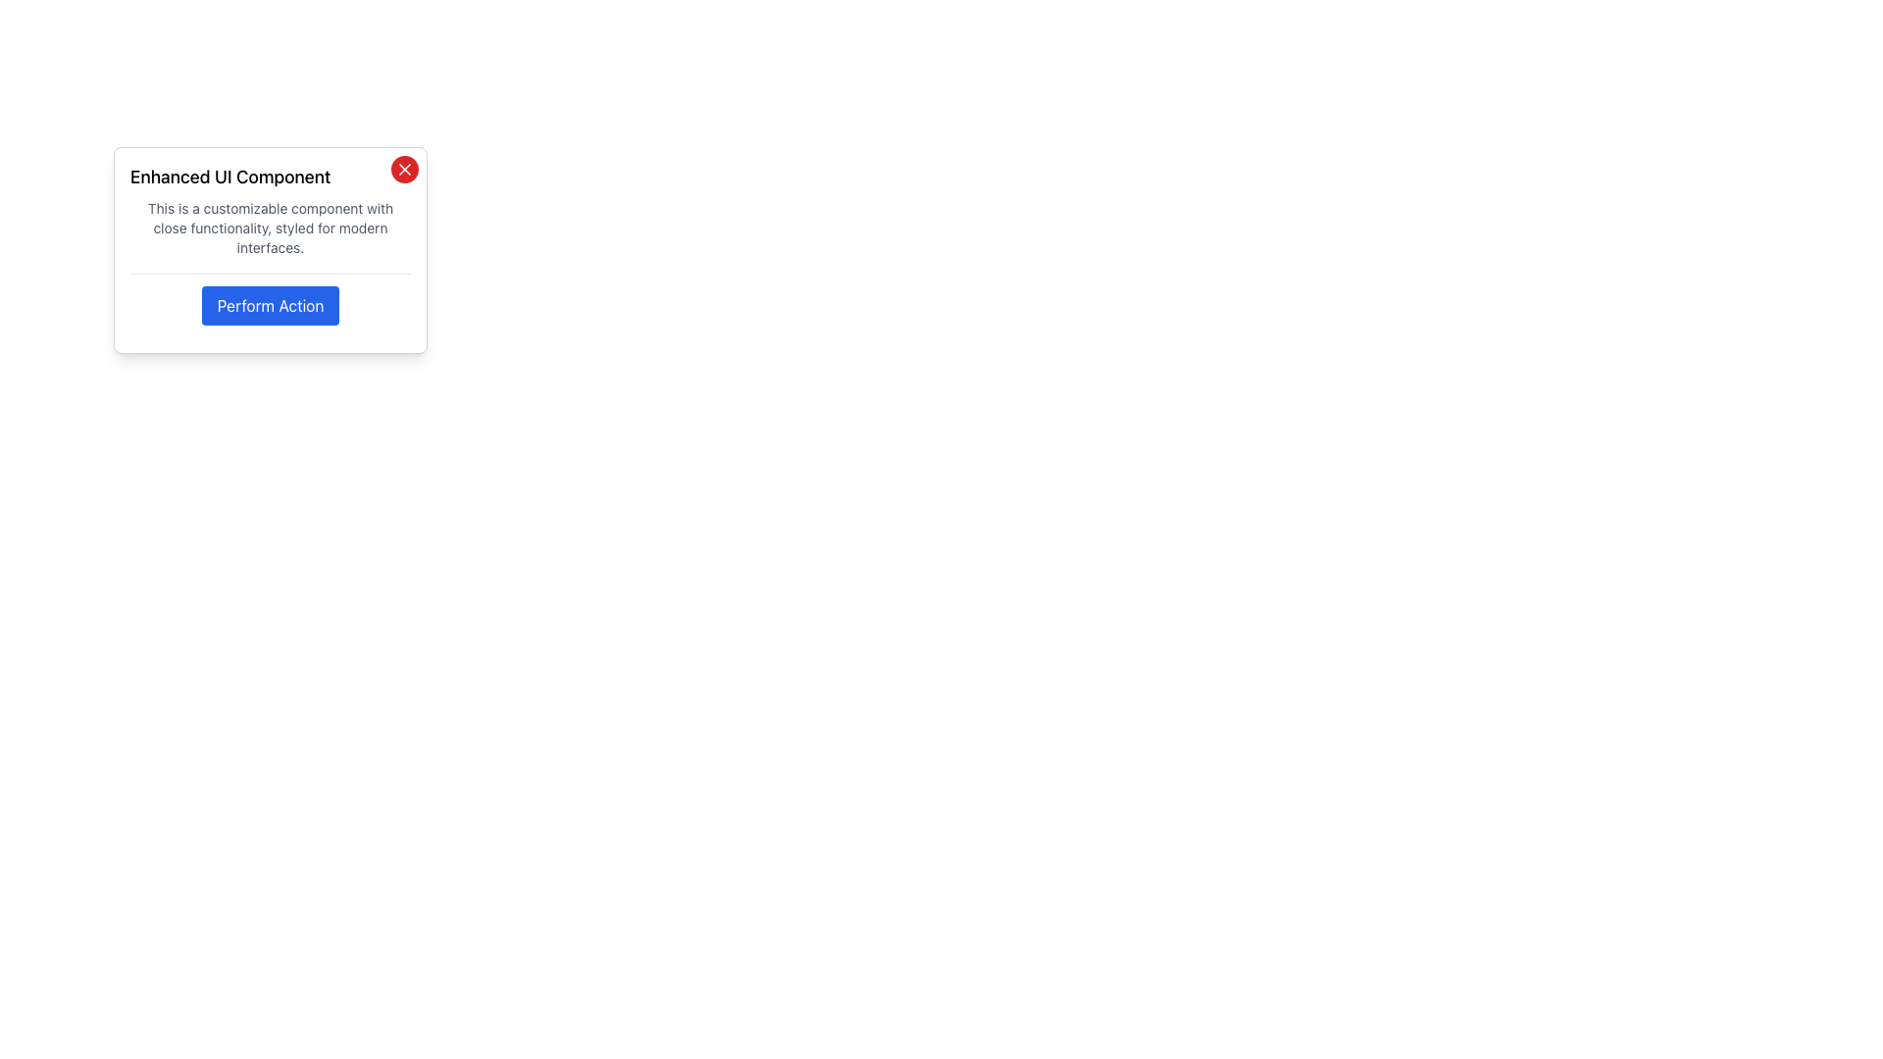 The height and width of the screenshot is (1059, 1883). I want to click on the close button located at the top-right corner of the card interface, so click(403, 169).